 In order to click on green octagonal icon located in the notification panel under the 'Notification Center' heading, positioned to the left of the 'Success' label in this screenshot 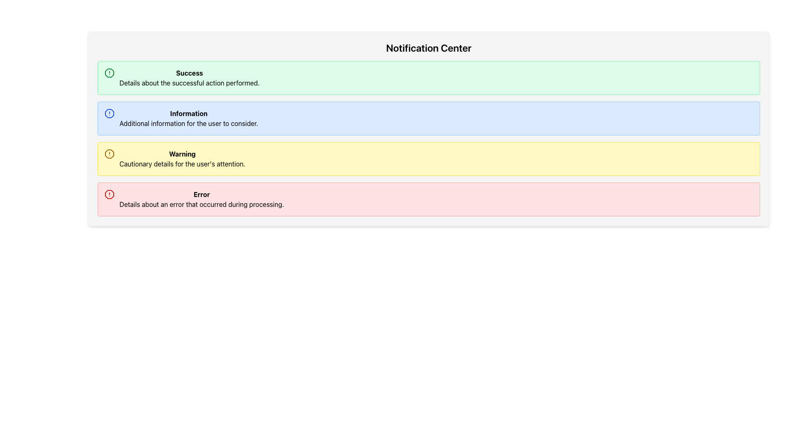, I will do `click(109, 73)`.